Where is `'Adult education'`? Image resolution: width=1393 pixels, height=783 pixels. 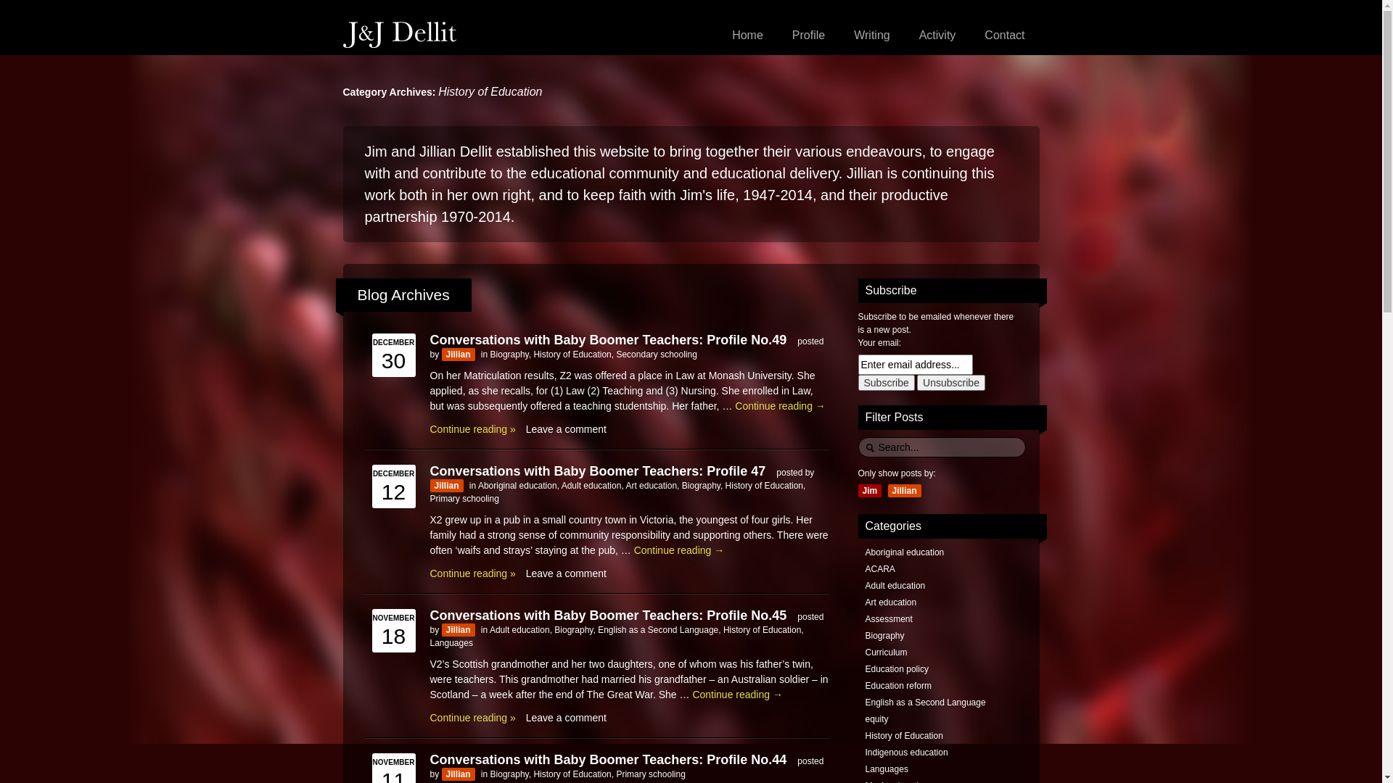
'Adult education' is located at coordinates (519, 629).